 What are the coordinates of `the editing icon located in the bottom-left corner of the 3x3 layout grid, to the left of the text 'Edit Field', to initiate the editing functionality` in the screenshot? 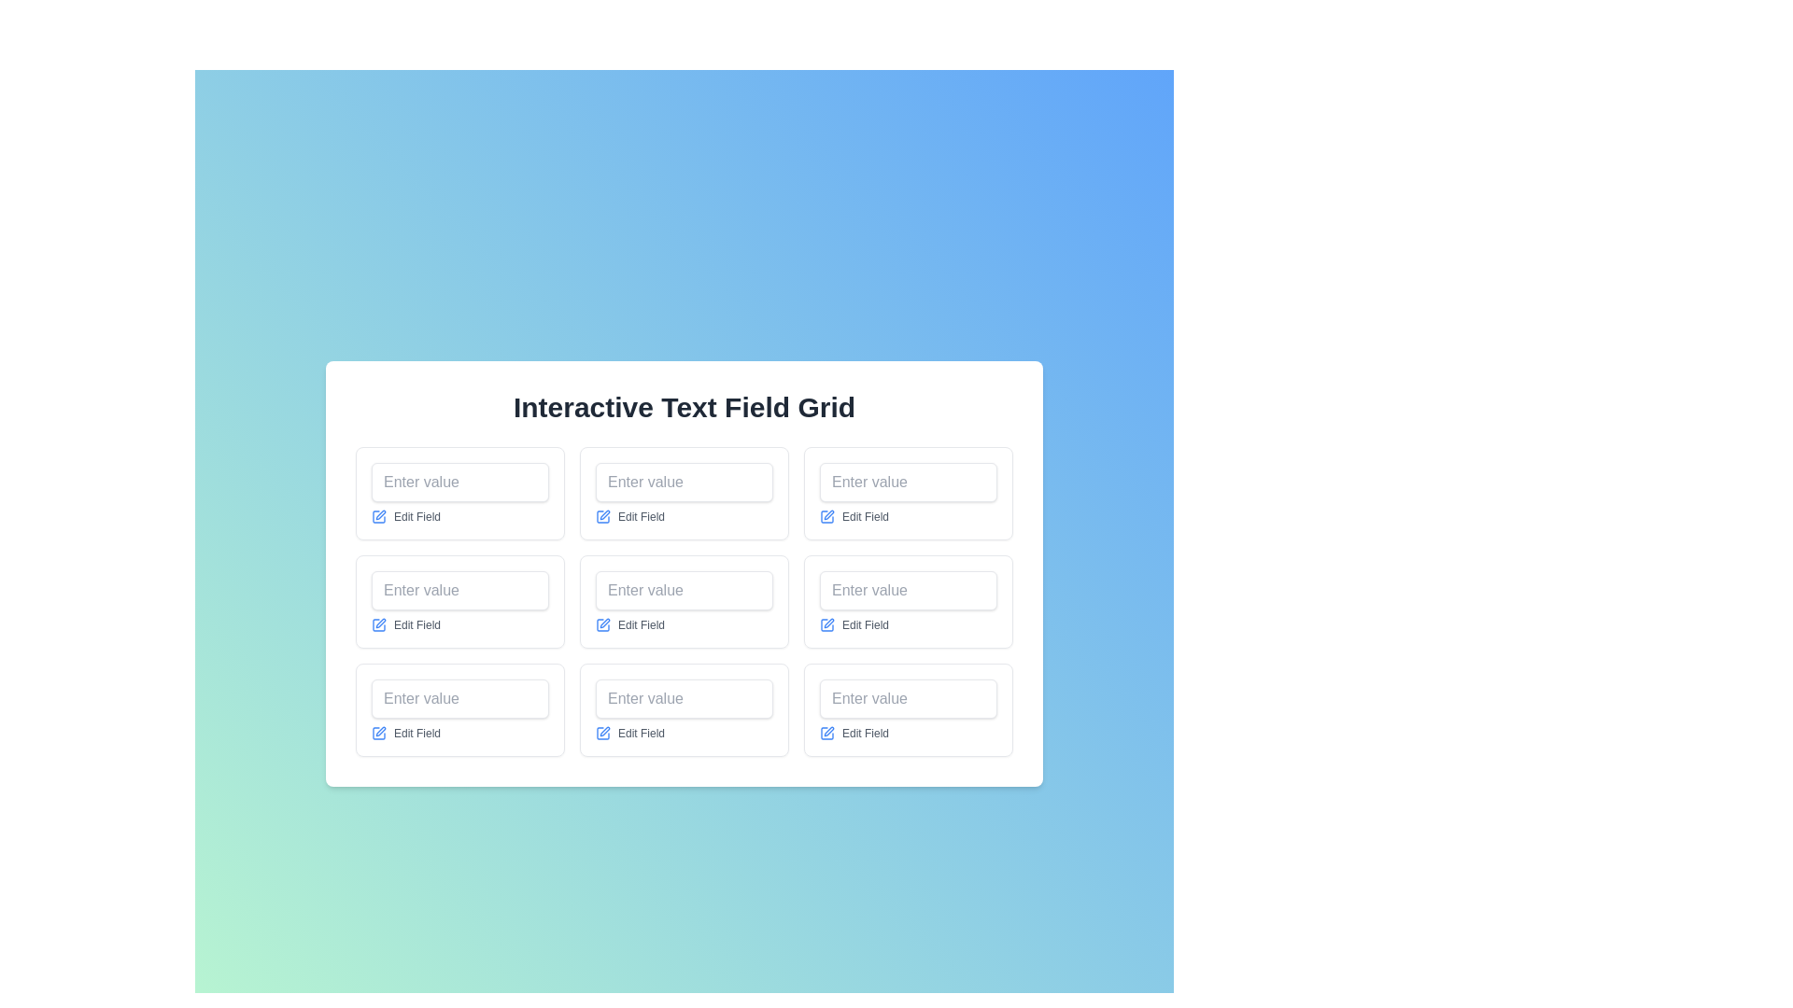 It's located at (378, 733).